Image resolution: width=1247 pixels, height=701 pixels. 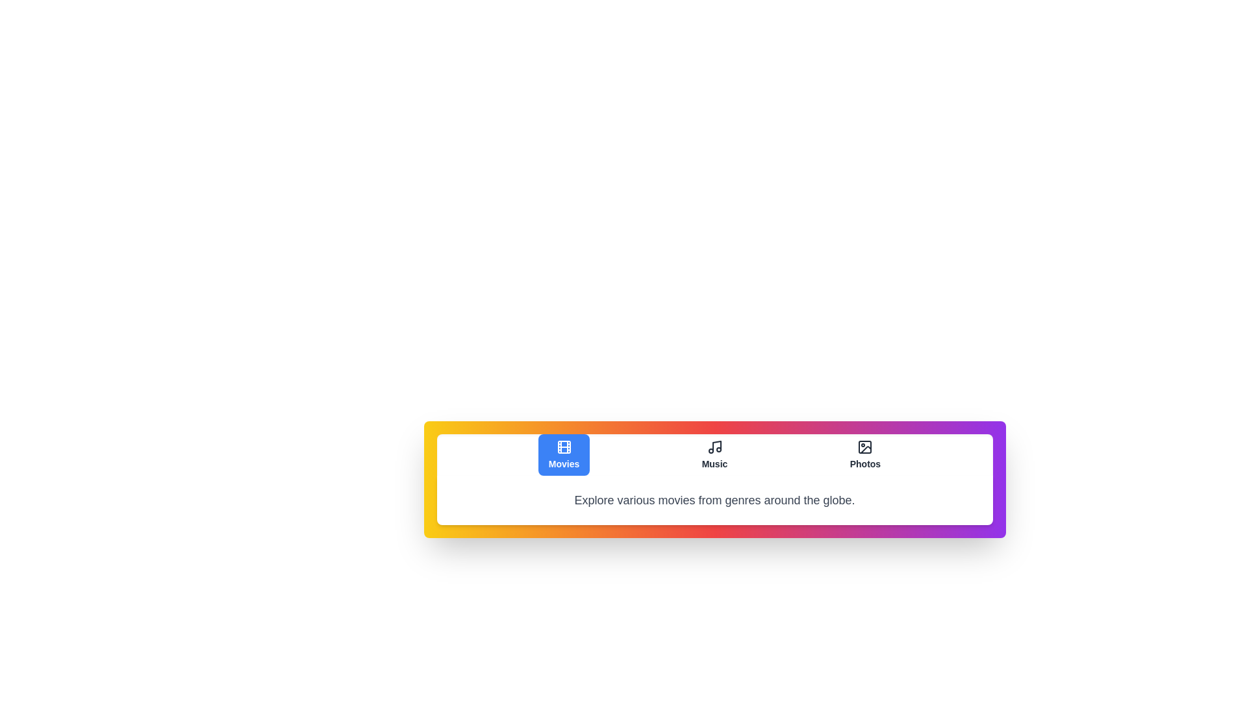 What do you see at coordinates (714, 454) in the screenshot?
I see `the Music tab to view its content` at bounding box center [714, 454].